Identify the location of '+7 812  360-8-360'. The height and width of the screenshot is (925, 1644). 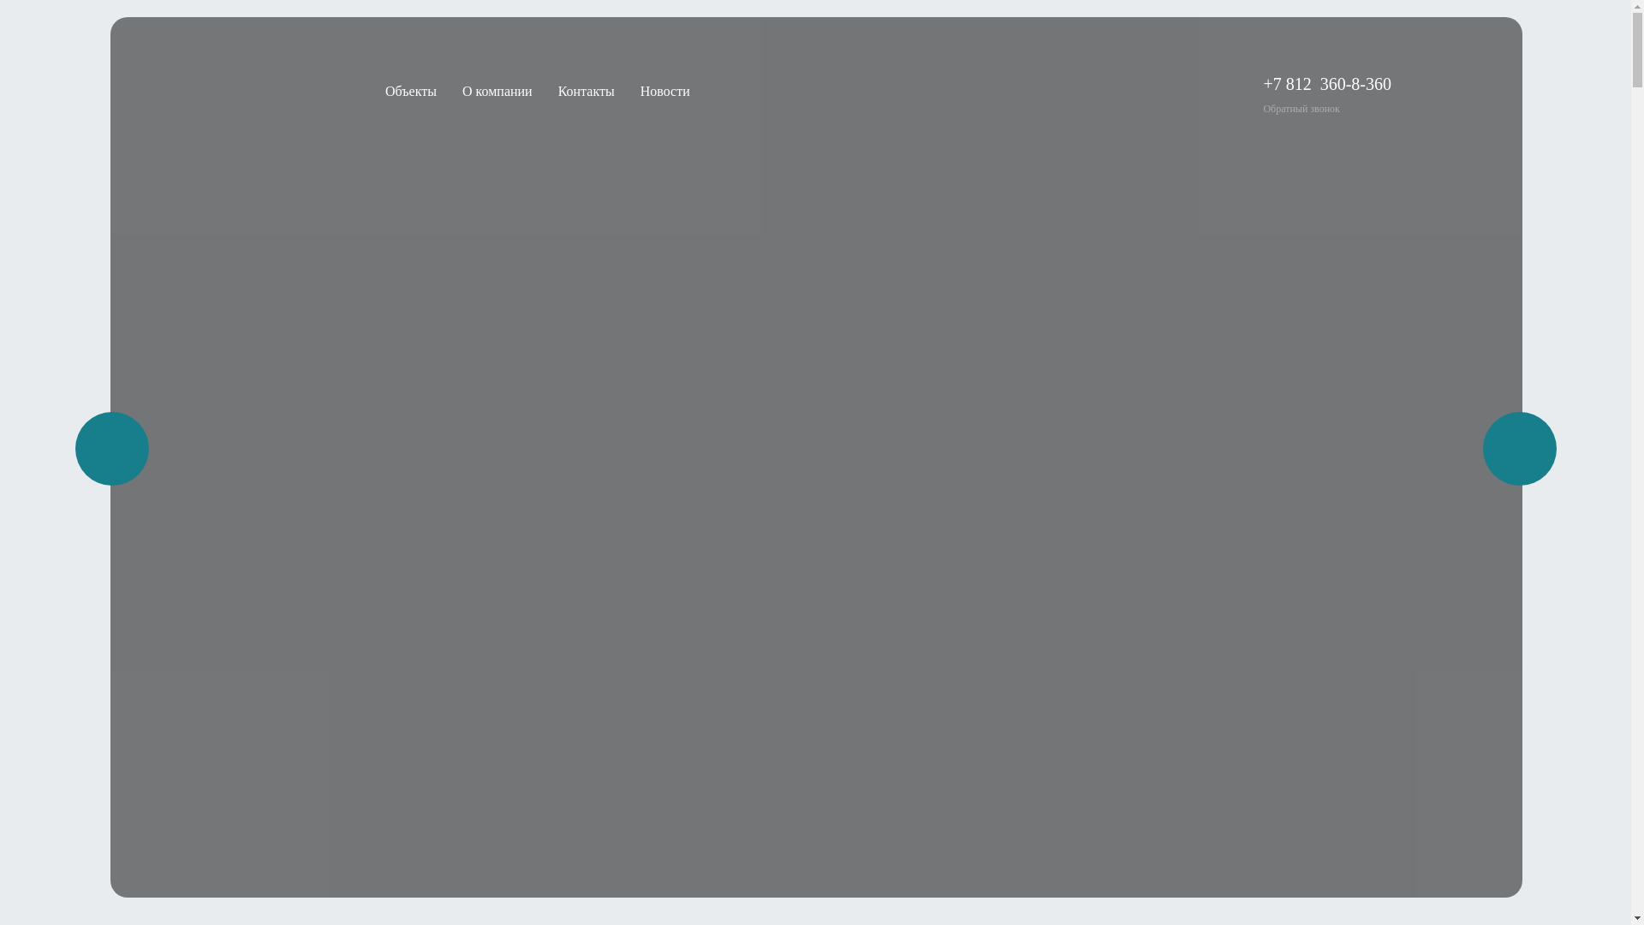
(1326, 83).